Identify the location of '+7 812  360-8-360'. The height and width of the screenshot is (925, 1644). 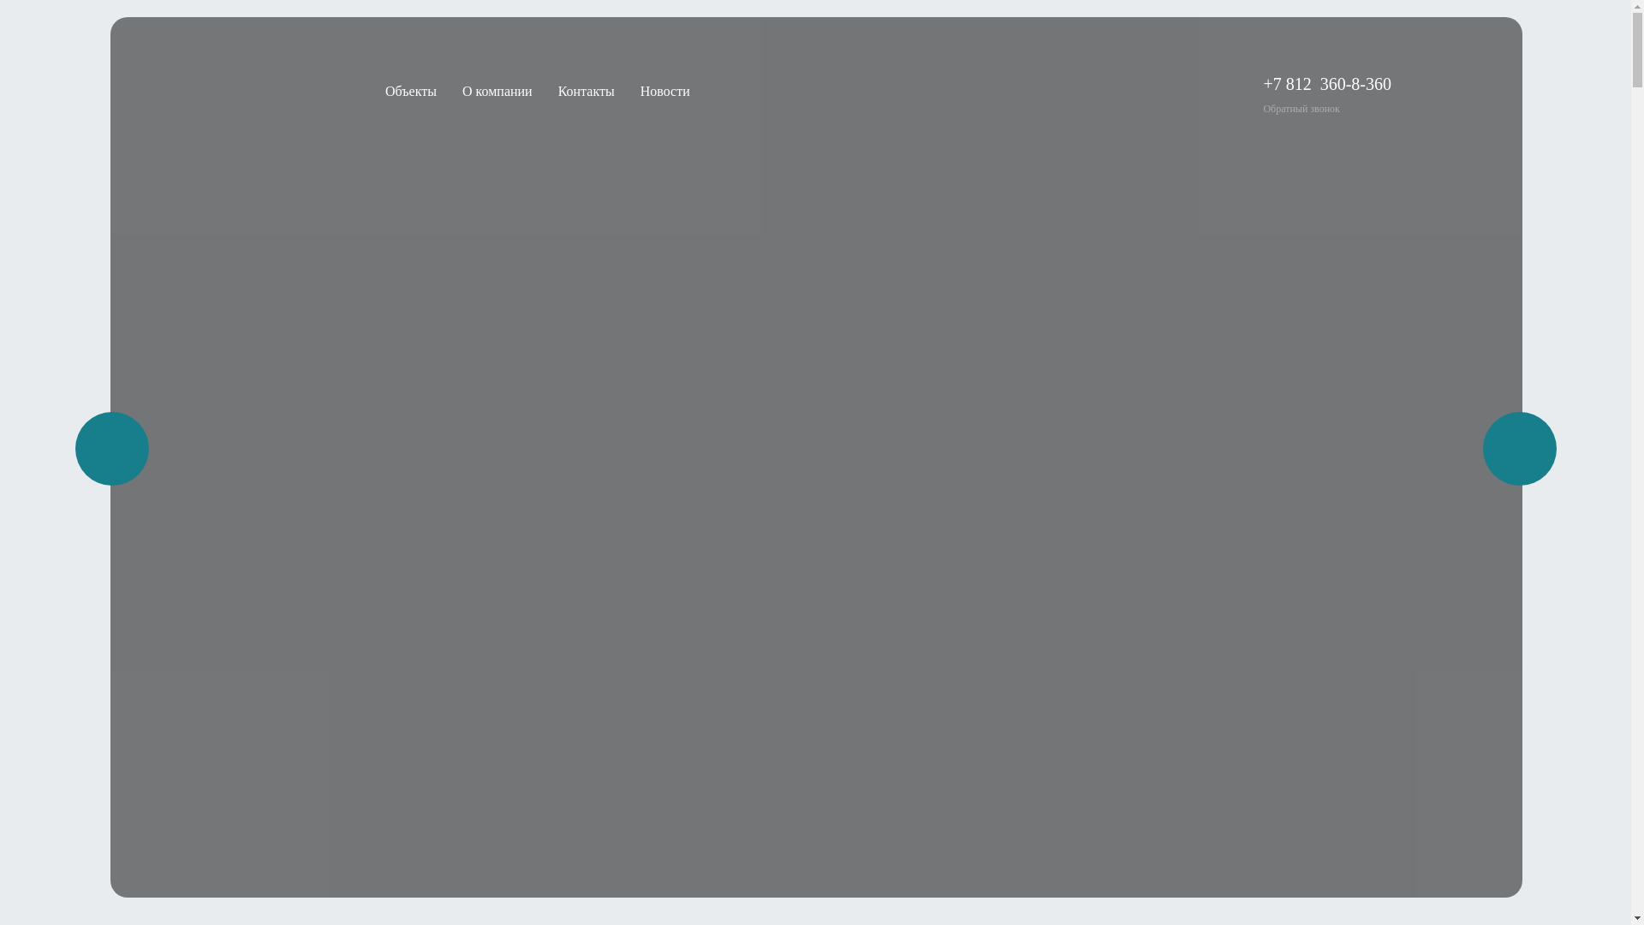
(1326, 83).